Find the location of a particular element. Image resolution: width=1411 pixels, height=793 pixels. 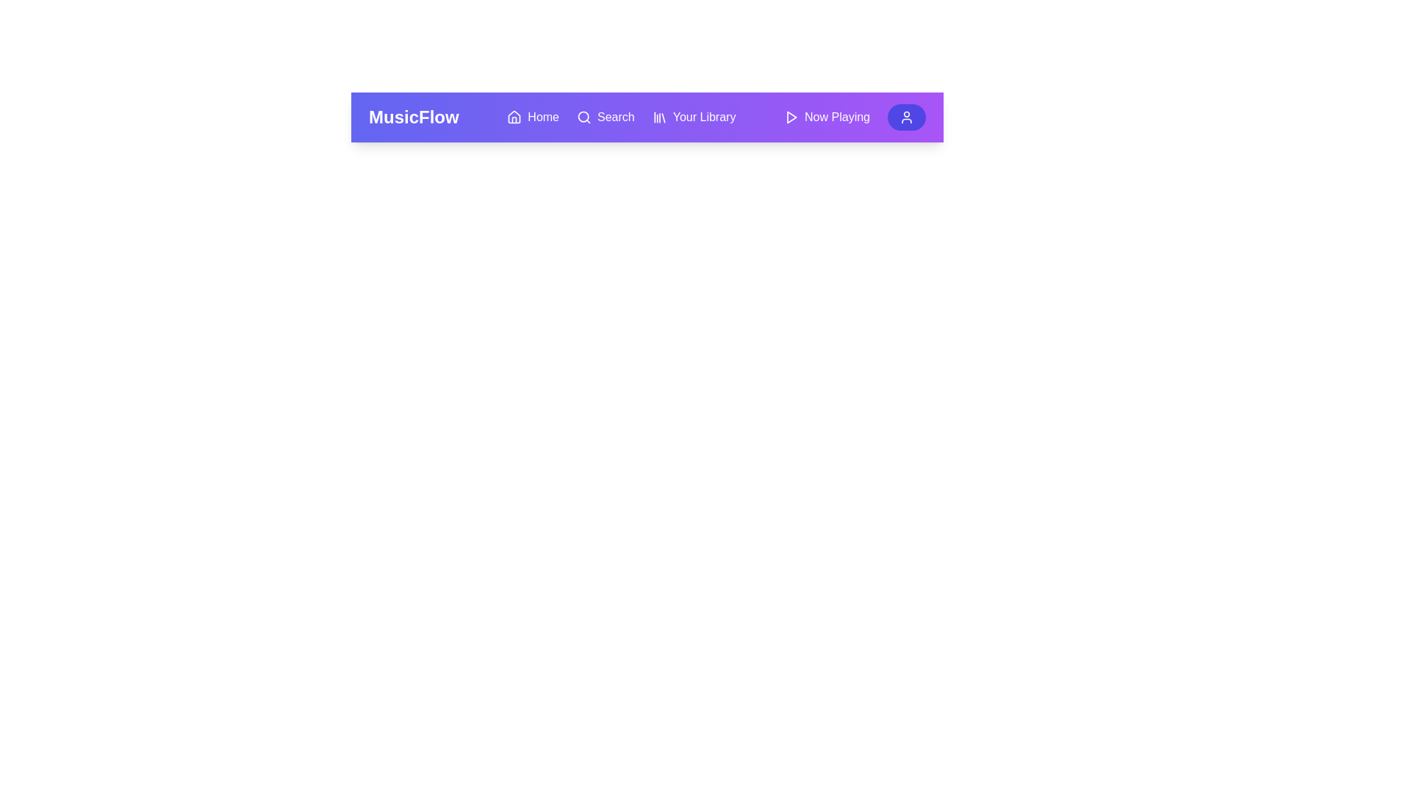

the Now Playing button to navigate to the corresponding section is located at coordinates (826, 116).